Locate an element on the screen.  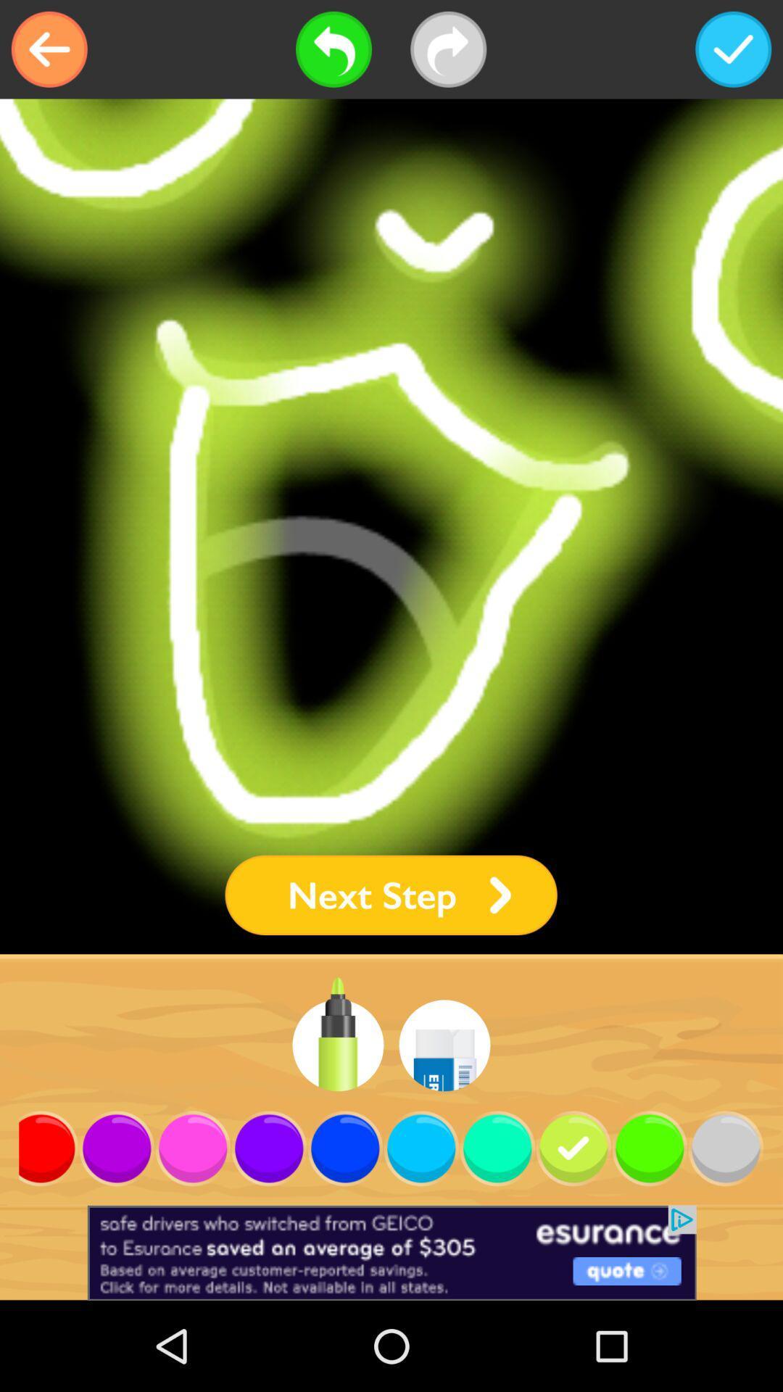
redo action is located at coordinates (447, 49).